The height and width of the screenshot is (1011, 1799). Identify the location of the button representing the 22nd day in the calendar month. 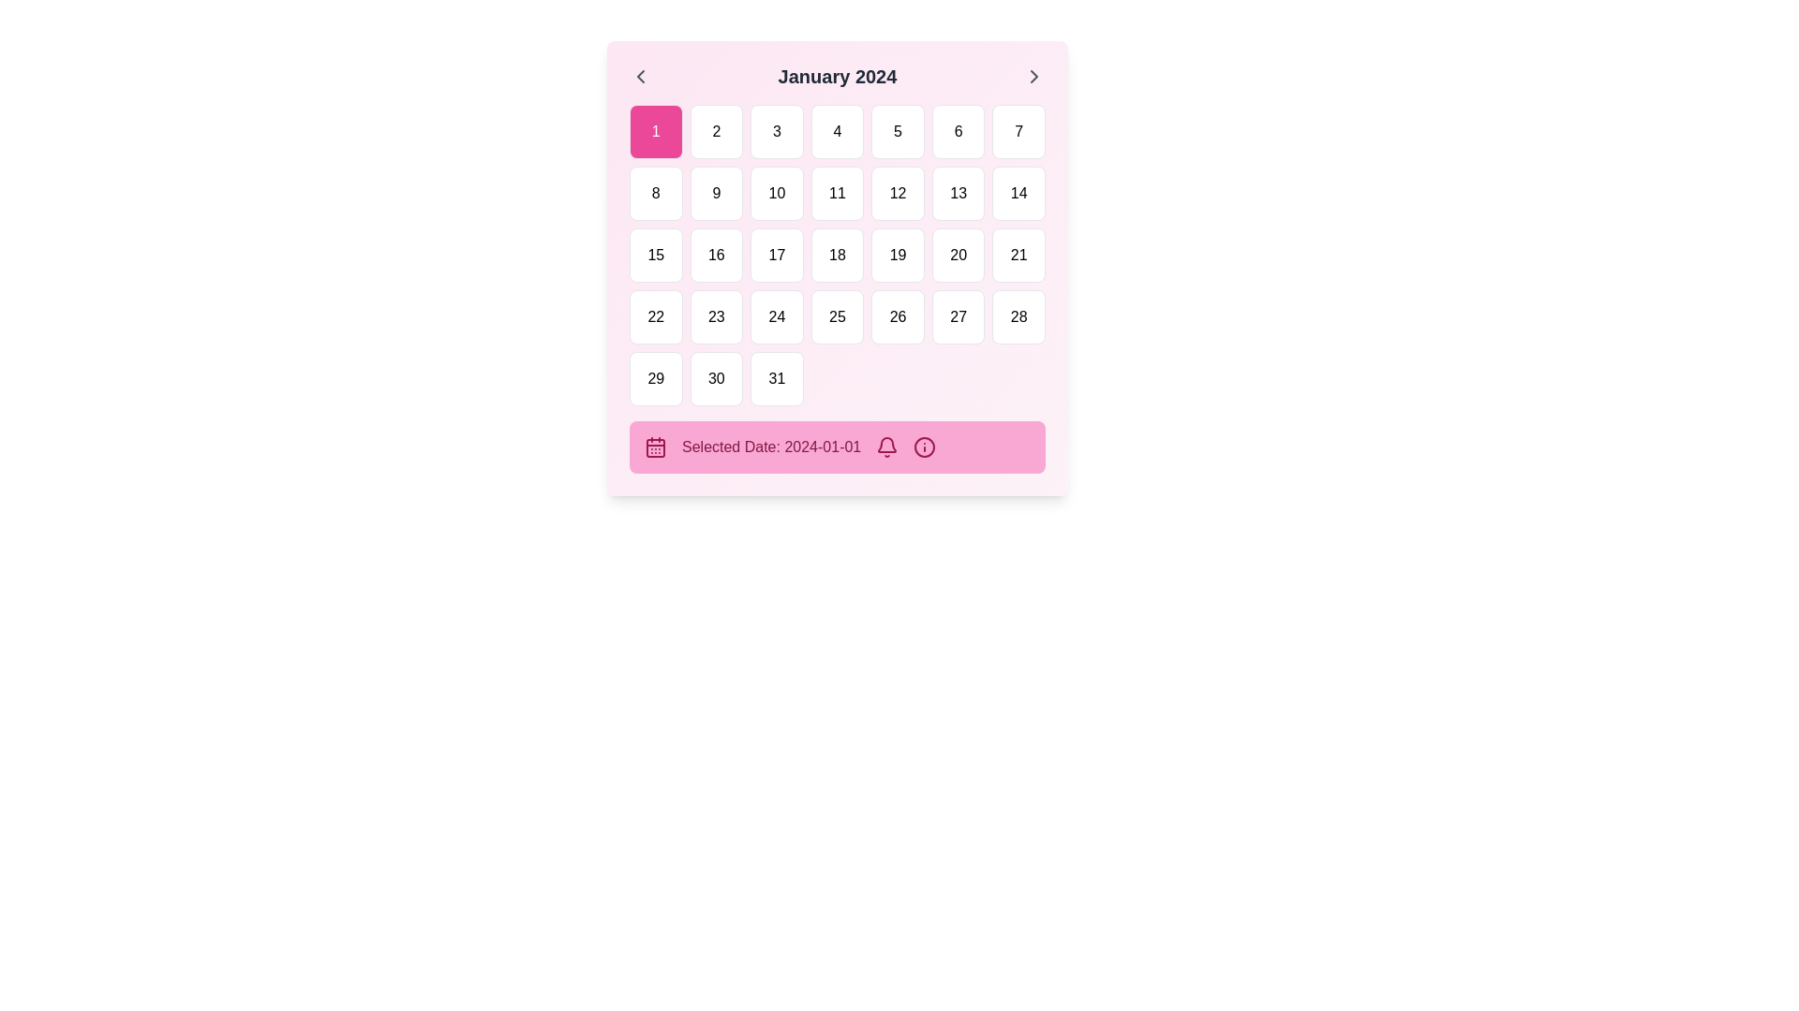
(656, 316).